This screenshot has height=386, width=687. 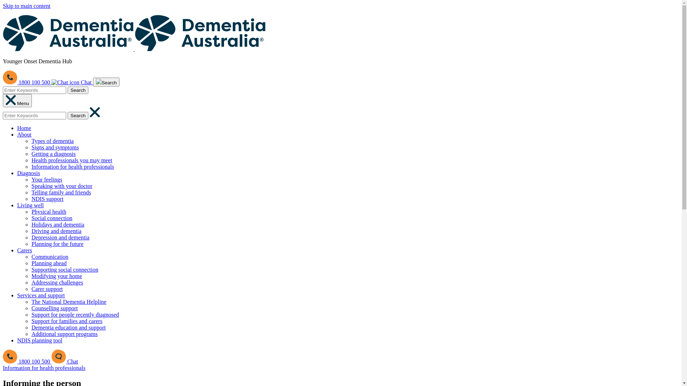 What do you see at coordinates (24, 128) in the screenshot?
I see `'Home'` at bounding box center [24, 128].